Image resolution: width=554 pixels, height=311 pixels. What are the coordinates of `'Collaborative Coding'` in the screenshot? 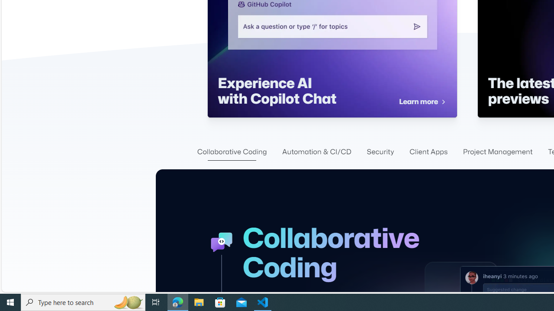 It's located at (232, 152).